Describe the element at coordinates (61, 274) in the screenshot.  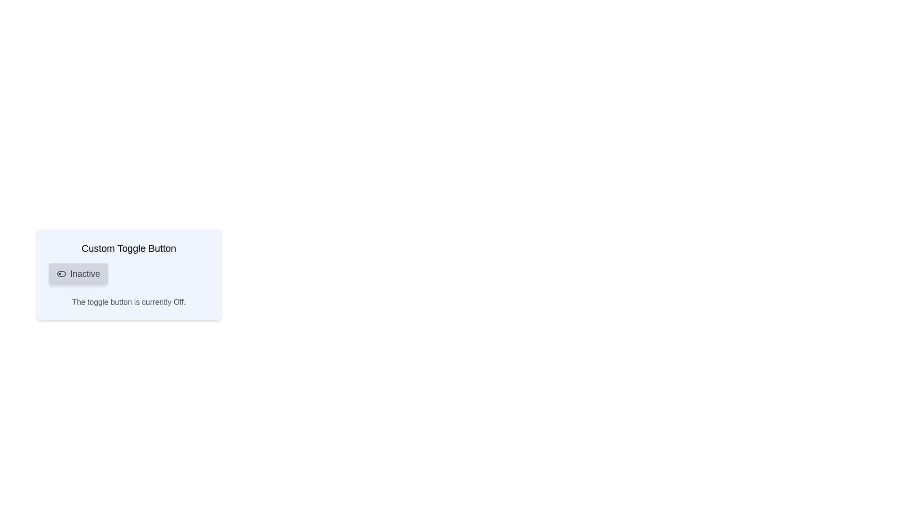
I see `the gray background rectangle of the 'Inactive' state in the 'Custom Toggle Button' section` at that location.